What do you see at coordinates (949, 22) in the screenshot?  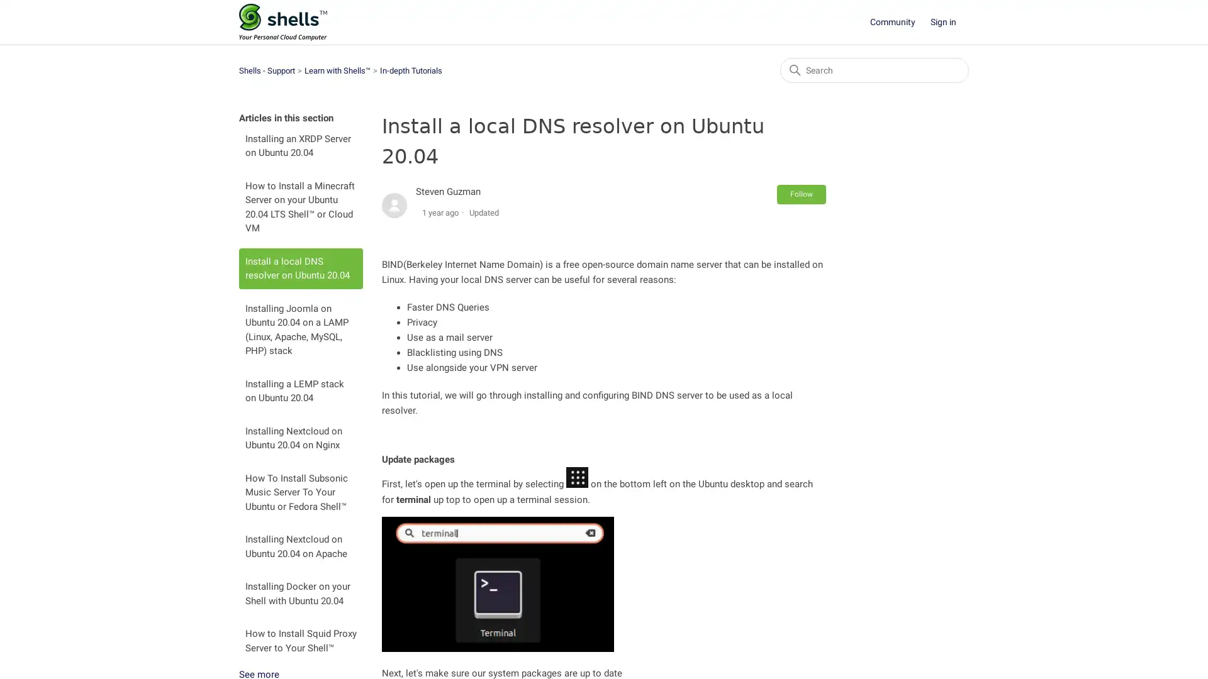 I see `Sign in` at bounding box center [949, 22].